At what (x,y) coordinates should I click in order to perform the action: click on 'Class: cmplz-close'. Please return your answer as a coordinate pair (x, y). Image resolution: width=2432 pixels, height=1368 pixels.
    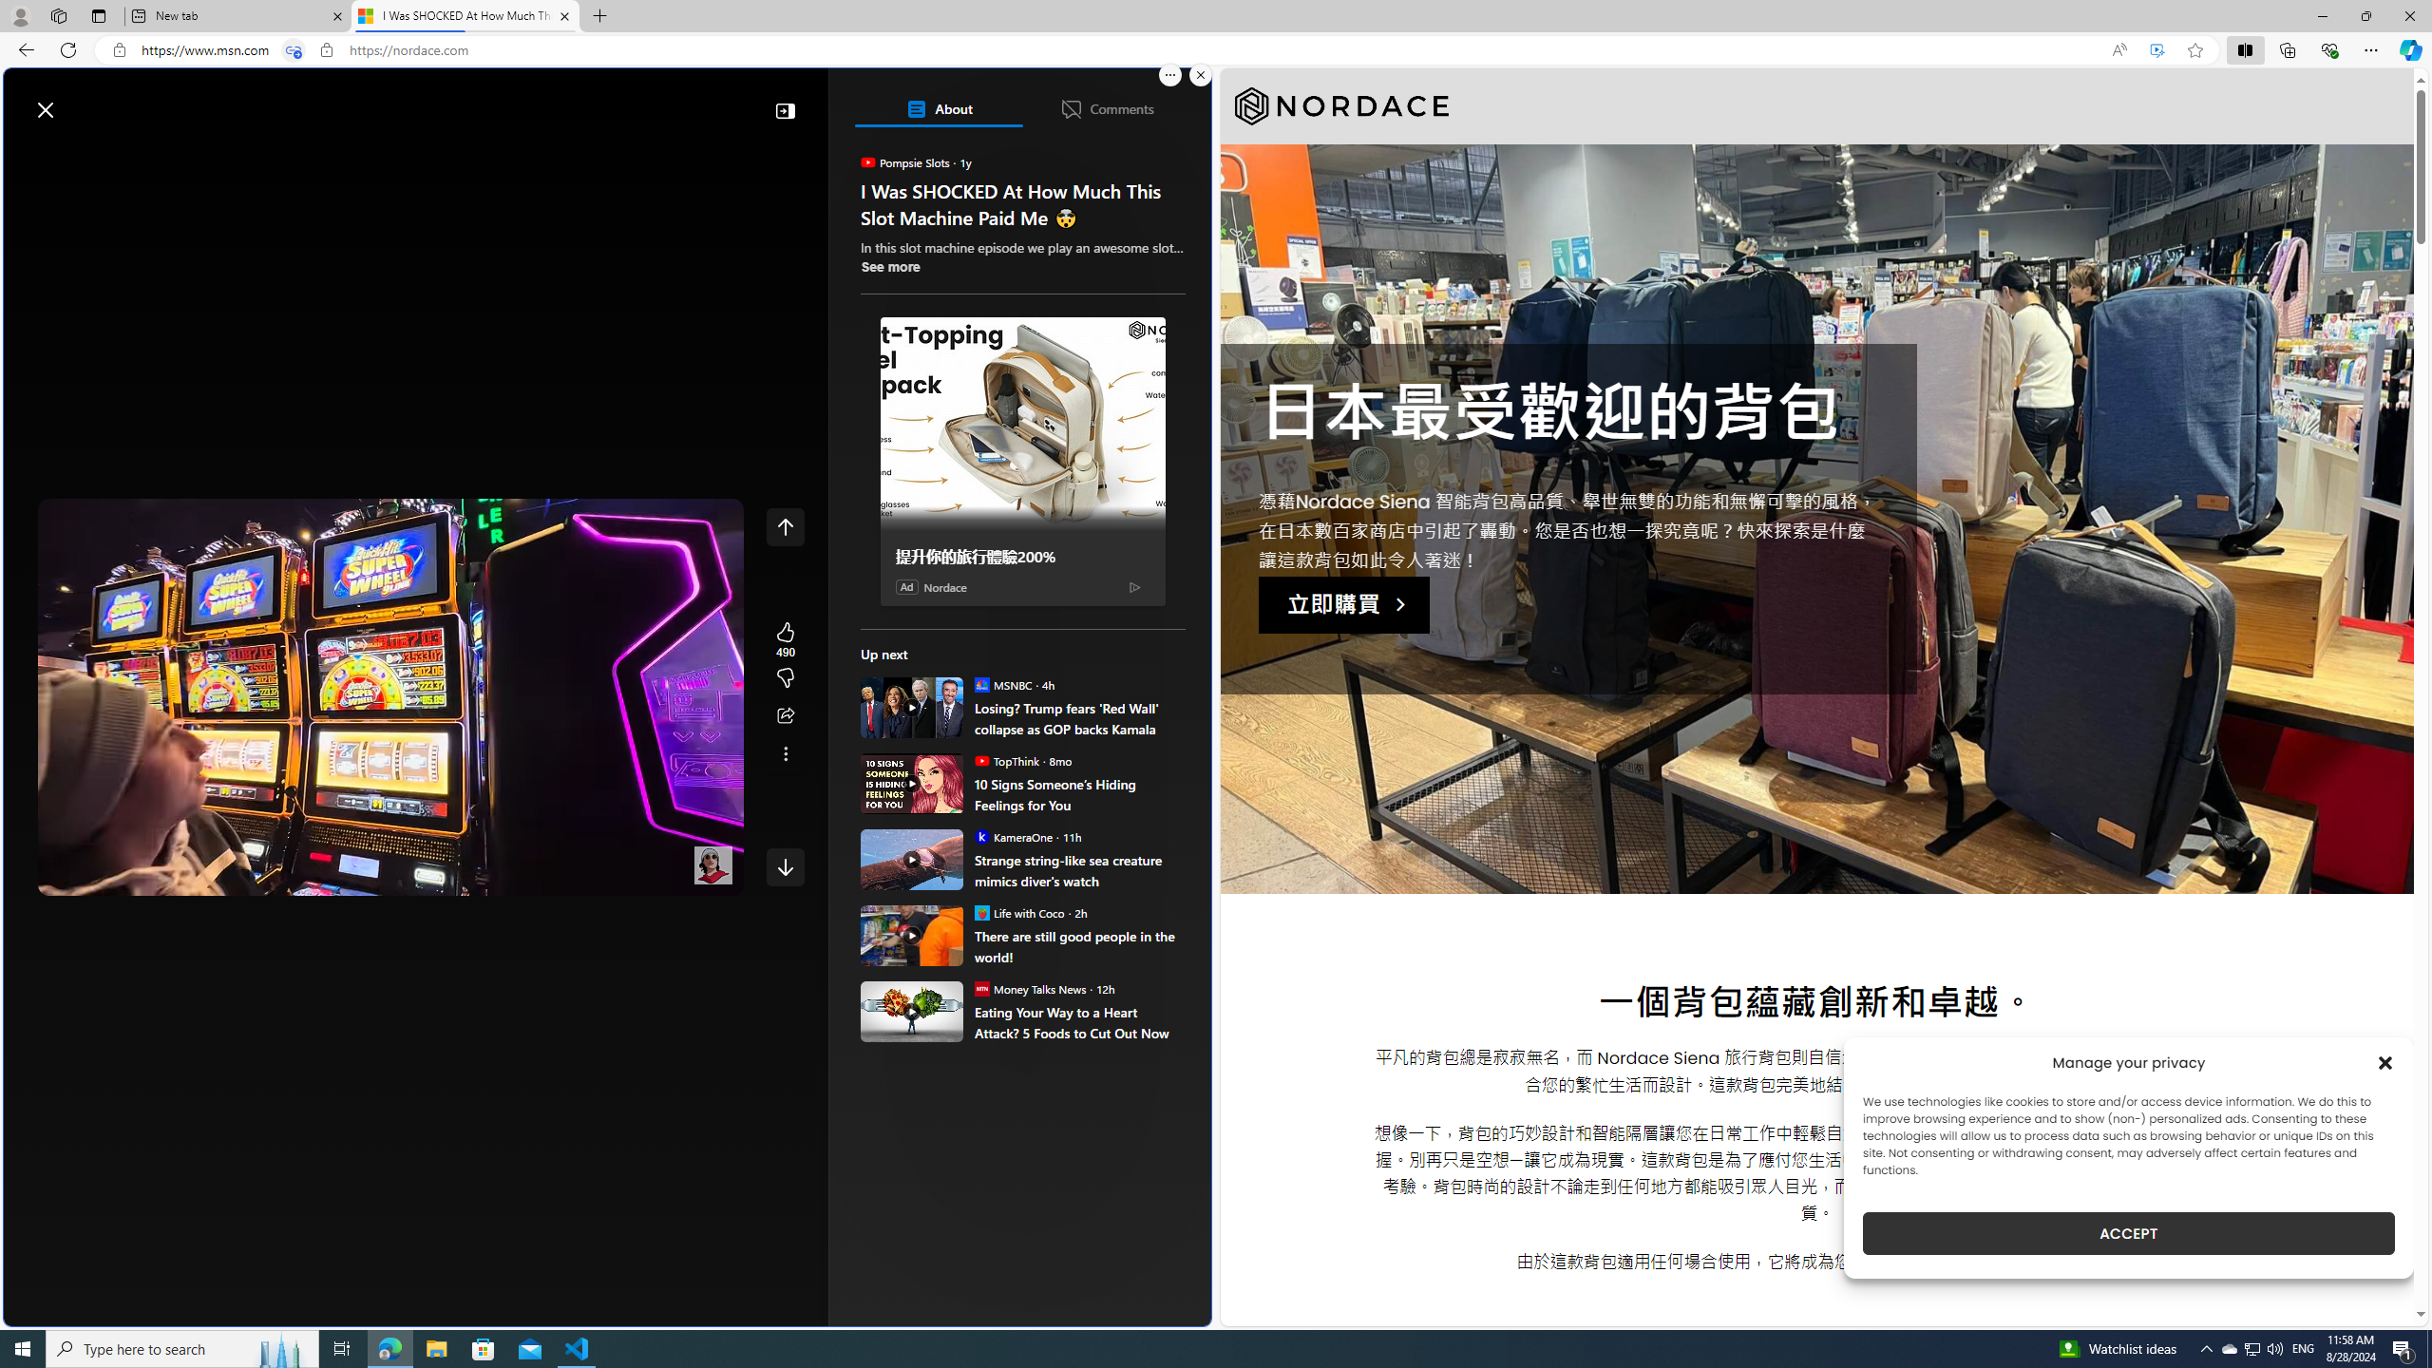
    Looking at the image, I should click on (2385, 1062).